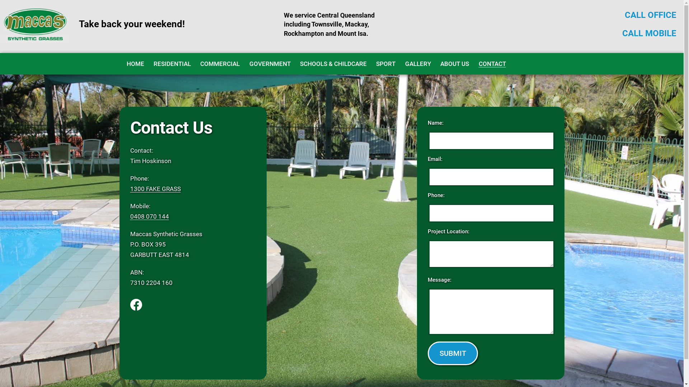 This screenshot has height=387, width=689. Describe the element at coordinates (418, 63) in the screenshot. I see `'GALLERY'` at that location.